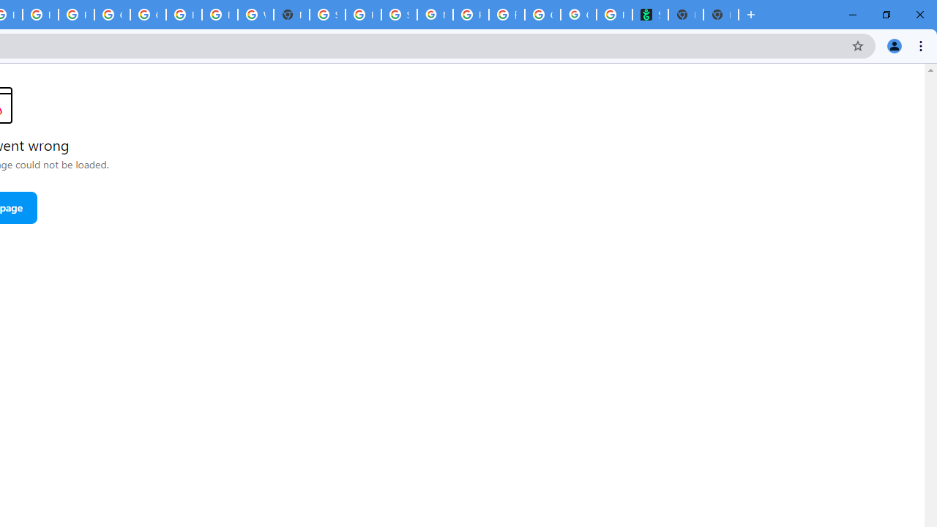 Image resolution: width=937 pixels, height=527 pixels. Describe the element at coordinates (148, 15) in the screenshot. I see `'Google Cloud Platform'` at that location.